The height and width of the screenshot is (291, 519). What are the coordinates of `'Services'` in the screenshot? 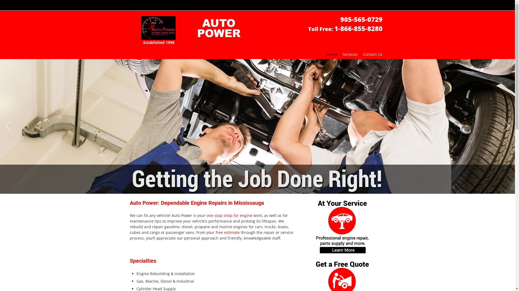 It's located at (350, 54).